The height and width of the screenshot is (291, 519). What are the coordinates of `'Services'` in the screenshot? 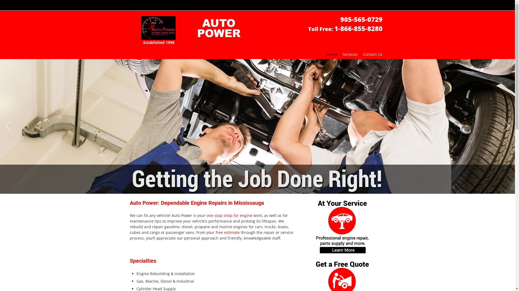 It's located at (350, 54).